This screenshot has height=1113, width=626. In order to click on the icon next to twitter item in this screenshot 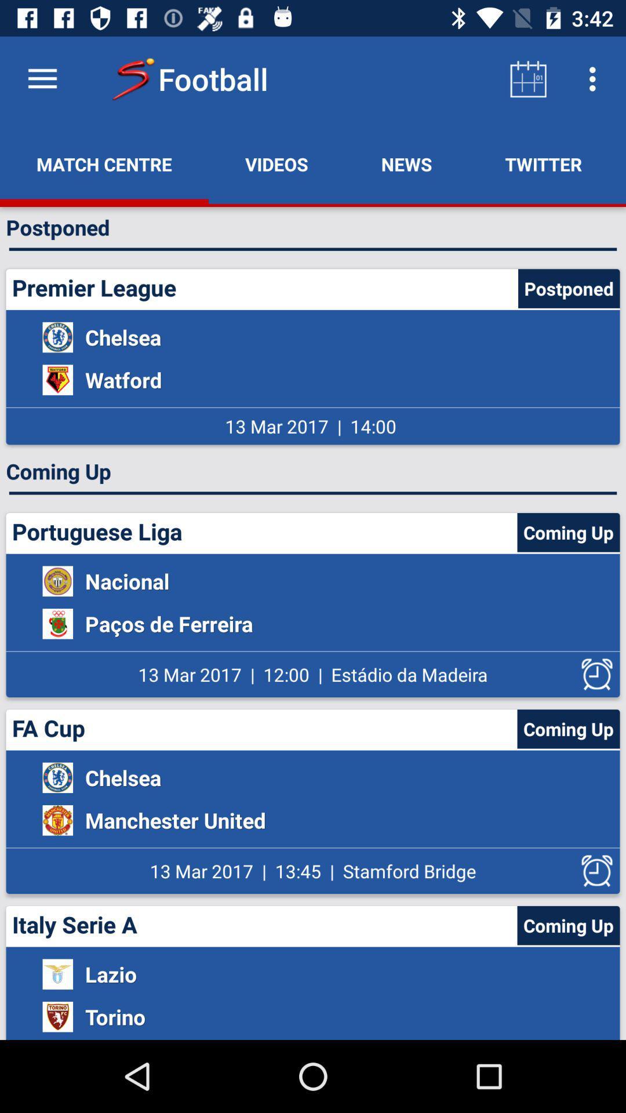, I will do `click(406, 163)`.